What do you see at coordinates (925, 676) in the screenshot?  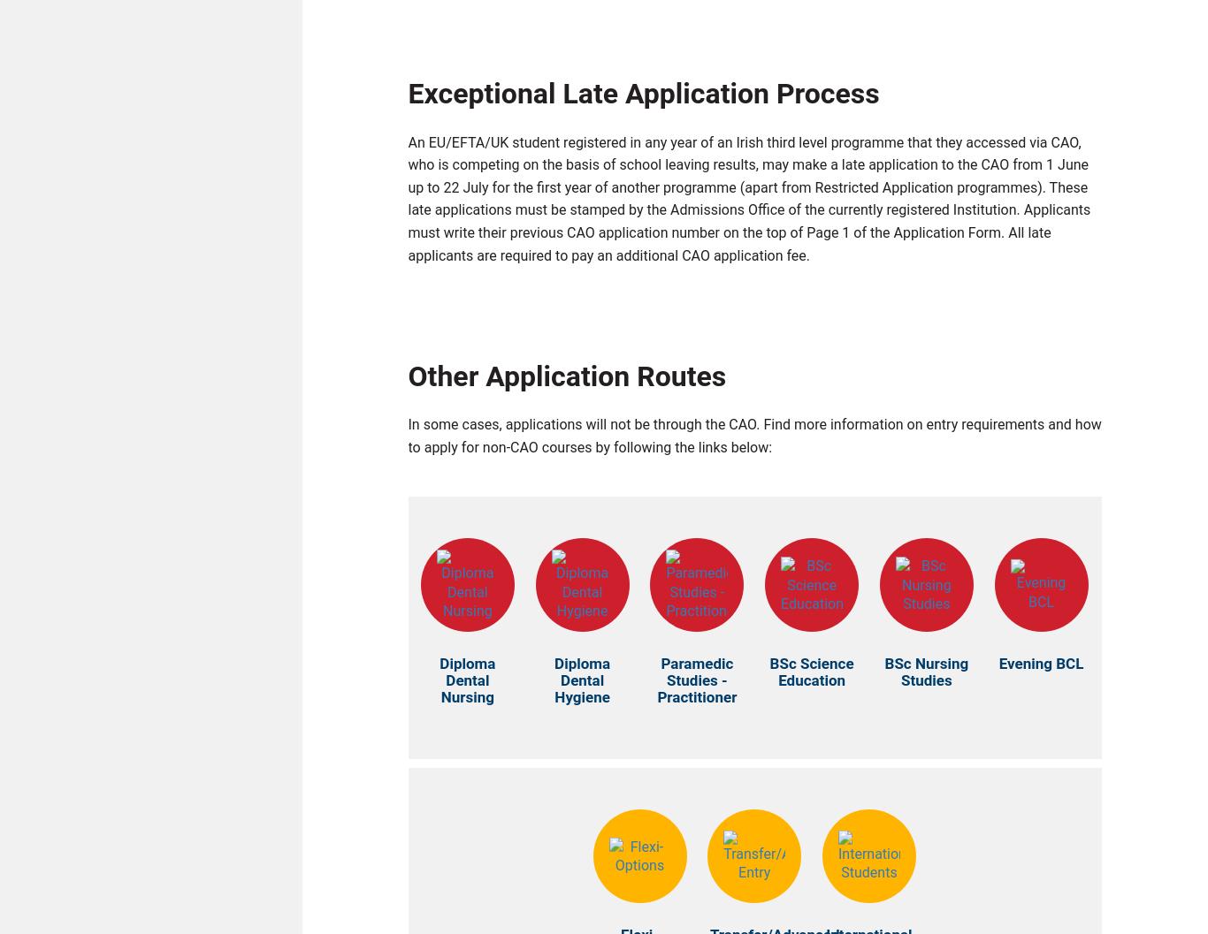 I see `'BSc Nursing Studies'` at bounding box center [925, 676].